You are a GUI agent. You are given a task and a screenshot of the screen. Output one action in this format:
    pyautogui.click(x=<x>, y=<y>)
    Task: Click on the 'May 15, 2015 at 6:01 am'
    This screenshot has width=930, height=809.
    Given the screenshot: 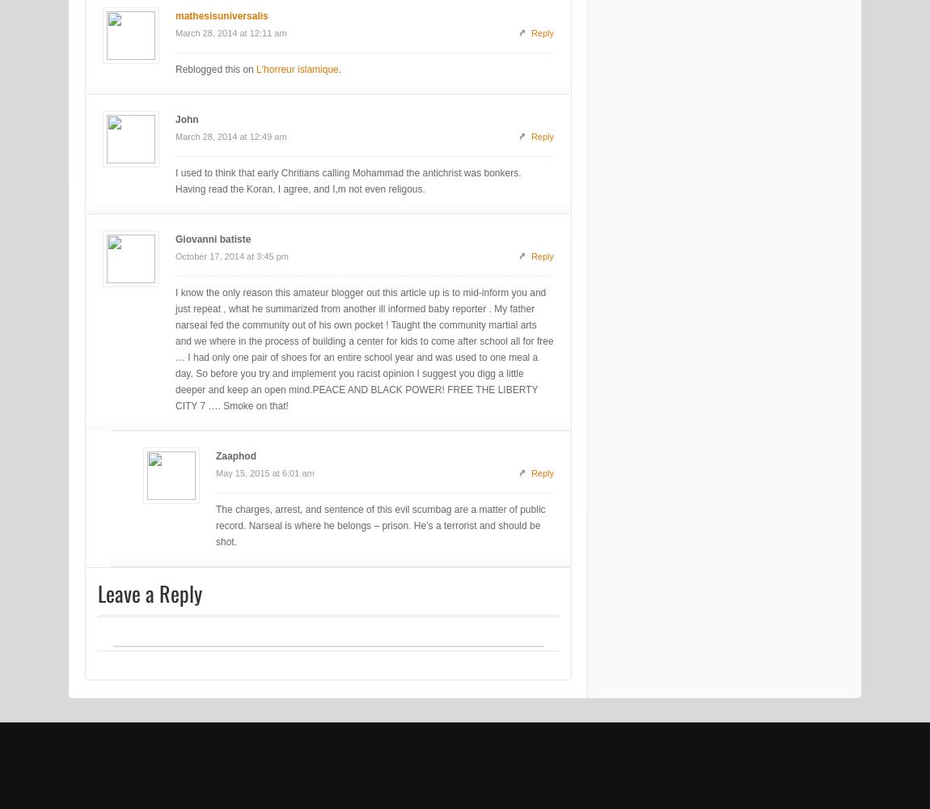 What is the action you would take?
    pyautogui.click(x=264, y=472)
    